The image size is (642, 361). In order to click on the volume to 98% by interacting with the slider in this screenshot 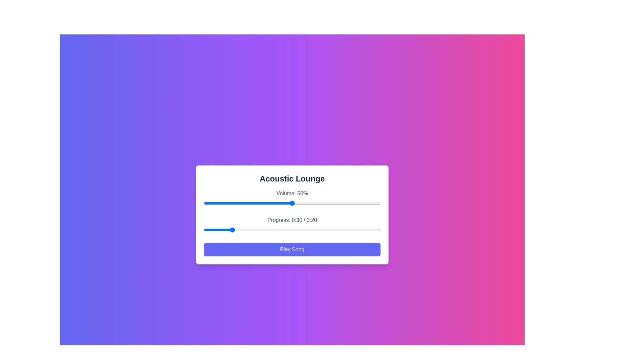, I will do `click(377, 203)`.